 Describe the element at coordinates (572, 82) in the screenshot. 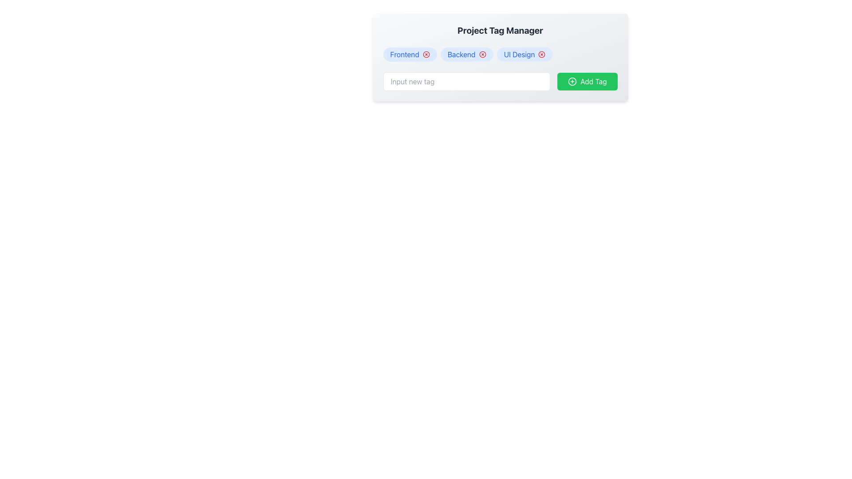

I see `the '+' icon located within the 'Add Tag' button` at that location.